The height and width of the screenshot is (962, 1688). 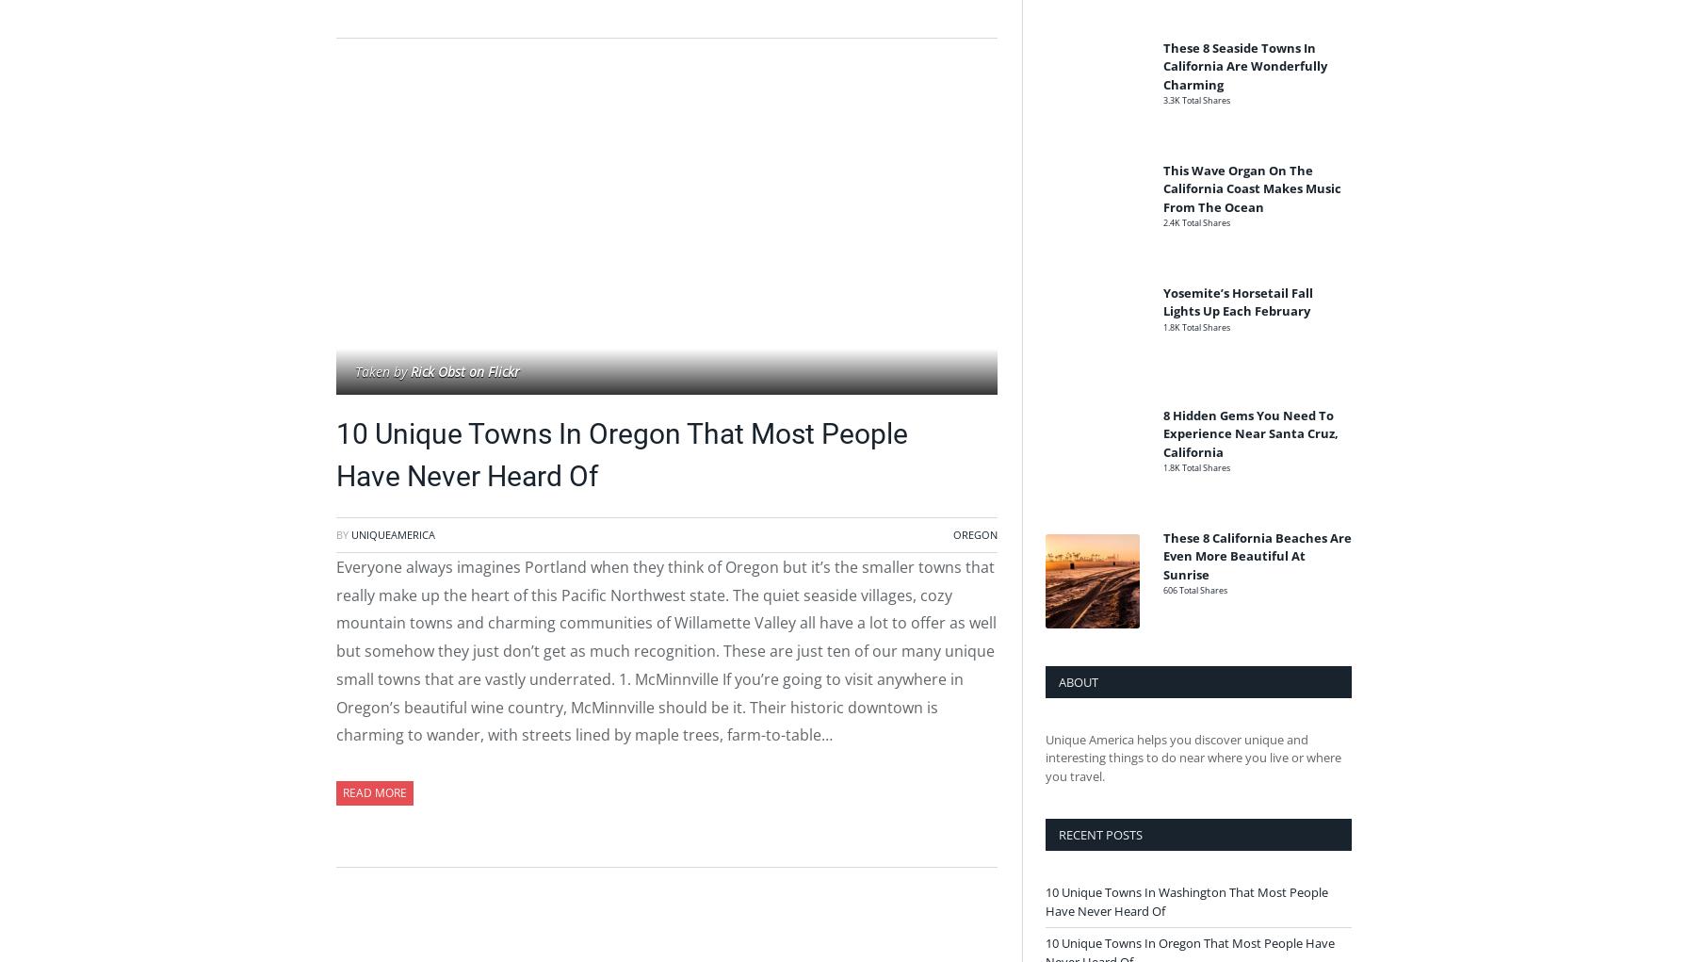 I want to click on 'uniqueamerica', so click(x=393, y=532).